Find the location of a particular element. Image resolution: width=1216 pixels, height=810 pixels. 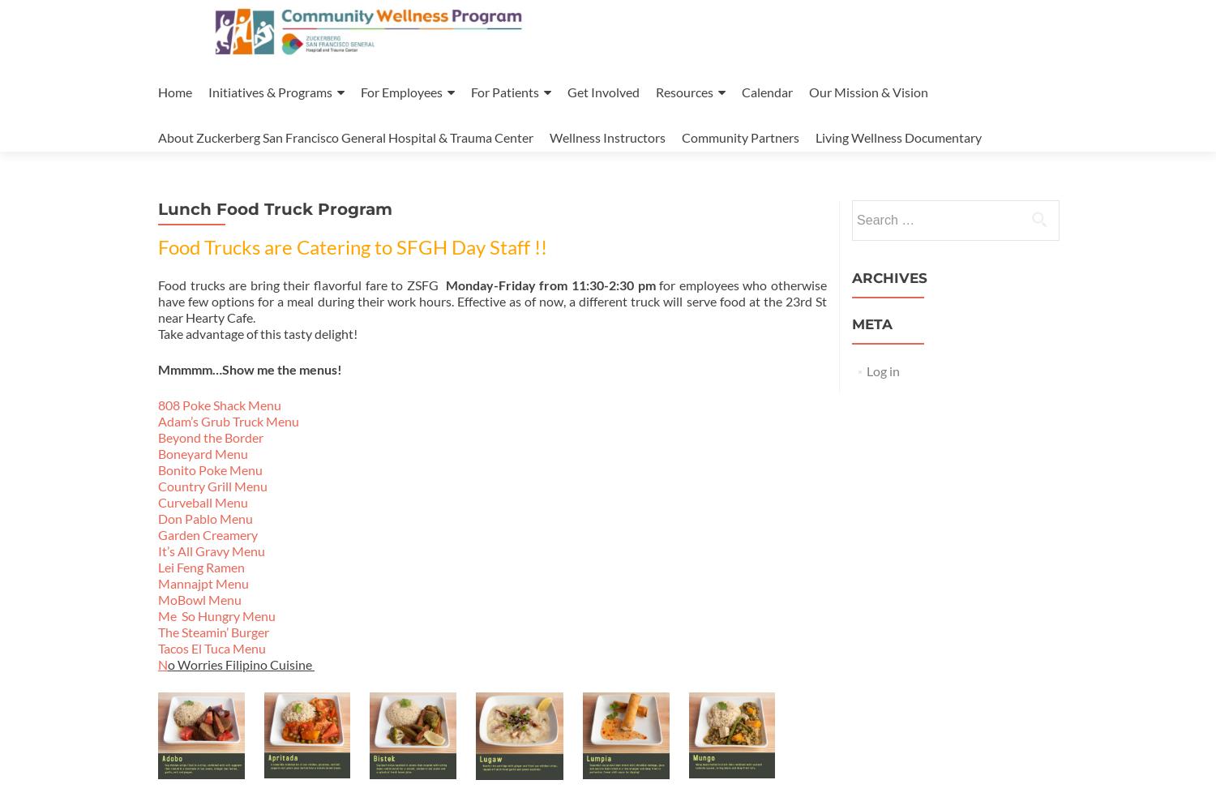

'Calendar' is located at coordinates (766, 92).